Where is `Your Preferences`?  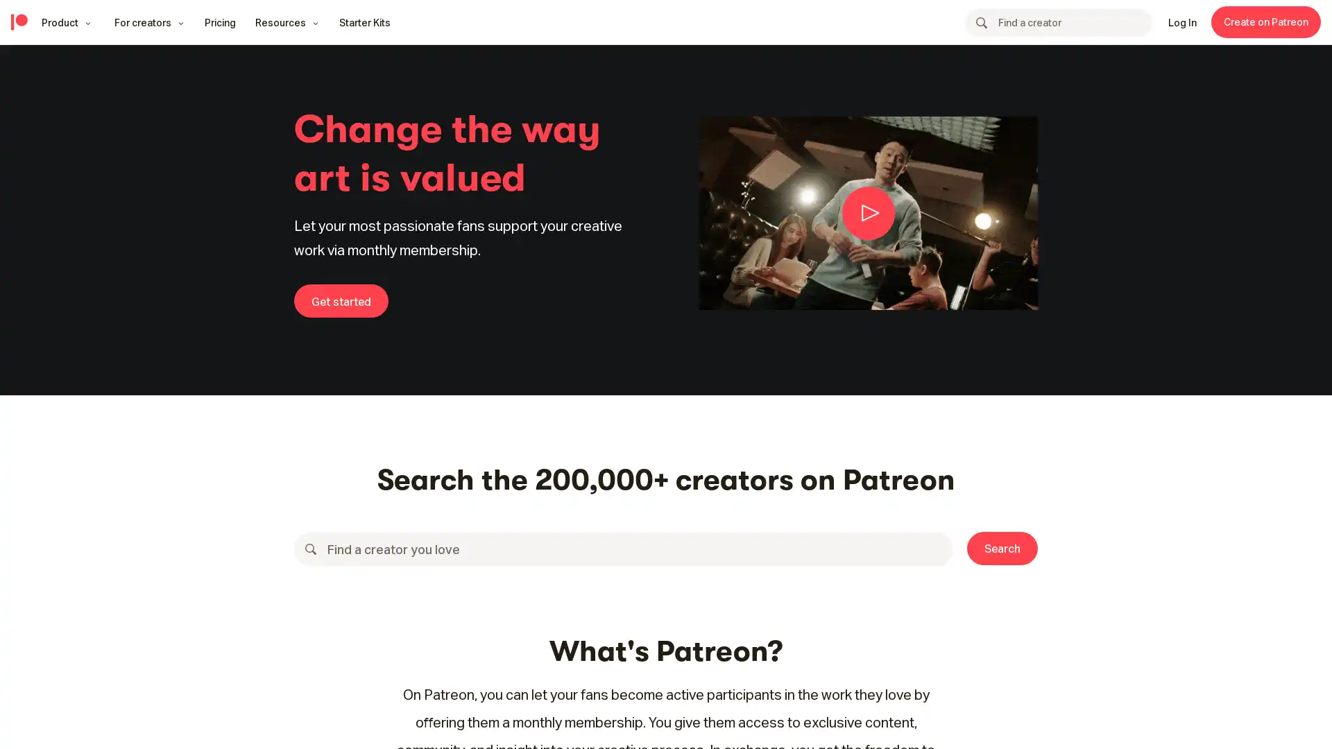 Your Preferences is located at coordinates (128, 715).